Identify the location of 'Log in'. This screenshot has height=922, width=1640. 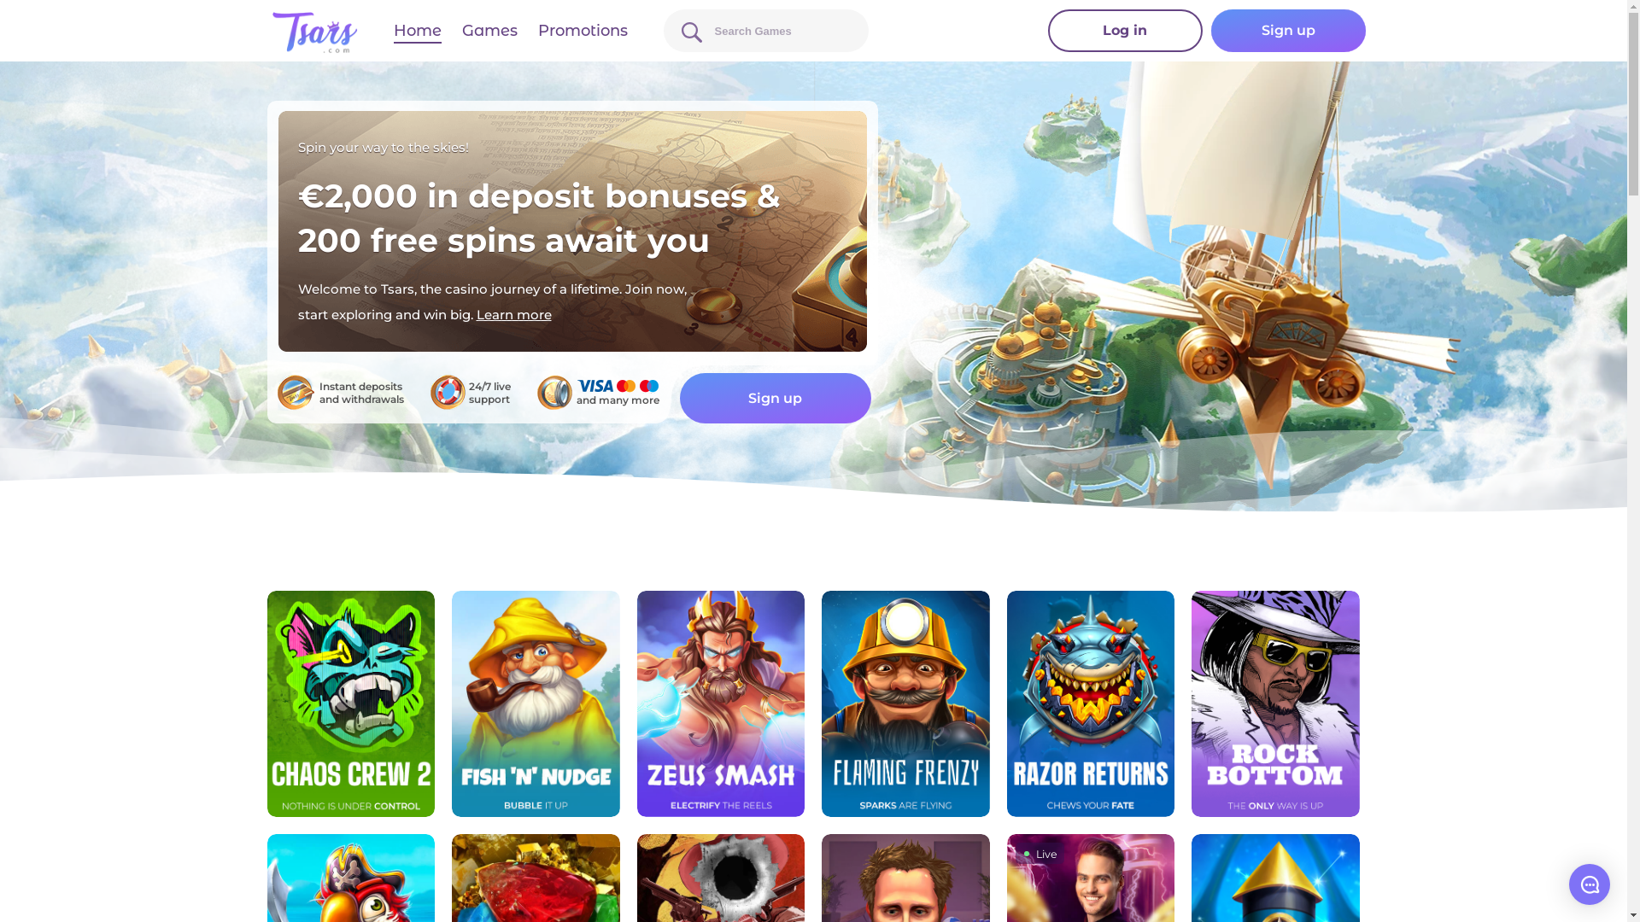
(1124, 30).